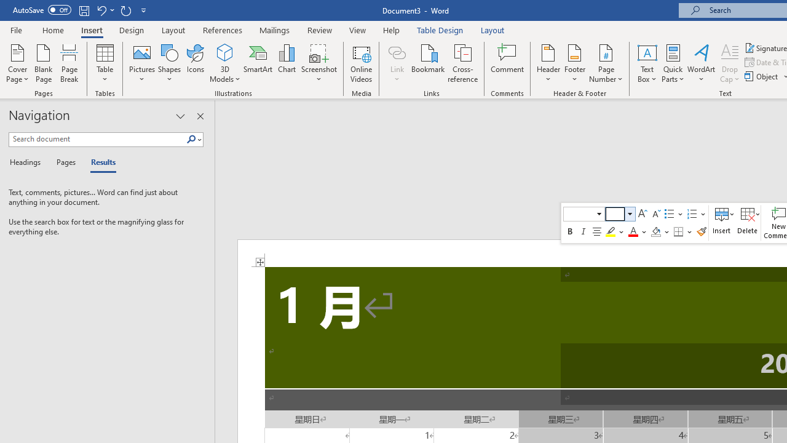  What do you see at coordinates (69, 63) in the screenshot?
I see `'Page Break'` at bounding box center [69, 63].